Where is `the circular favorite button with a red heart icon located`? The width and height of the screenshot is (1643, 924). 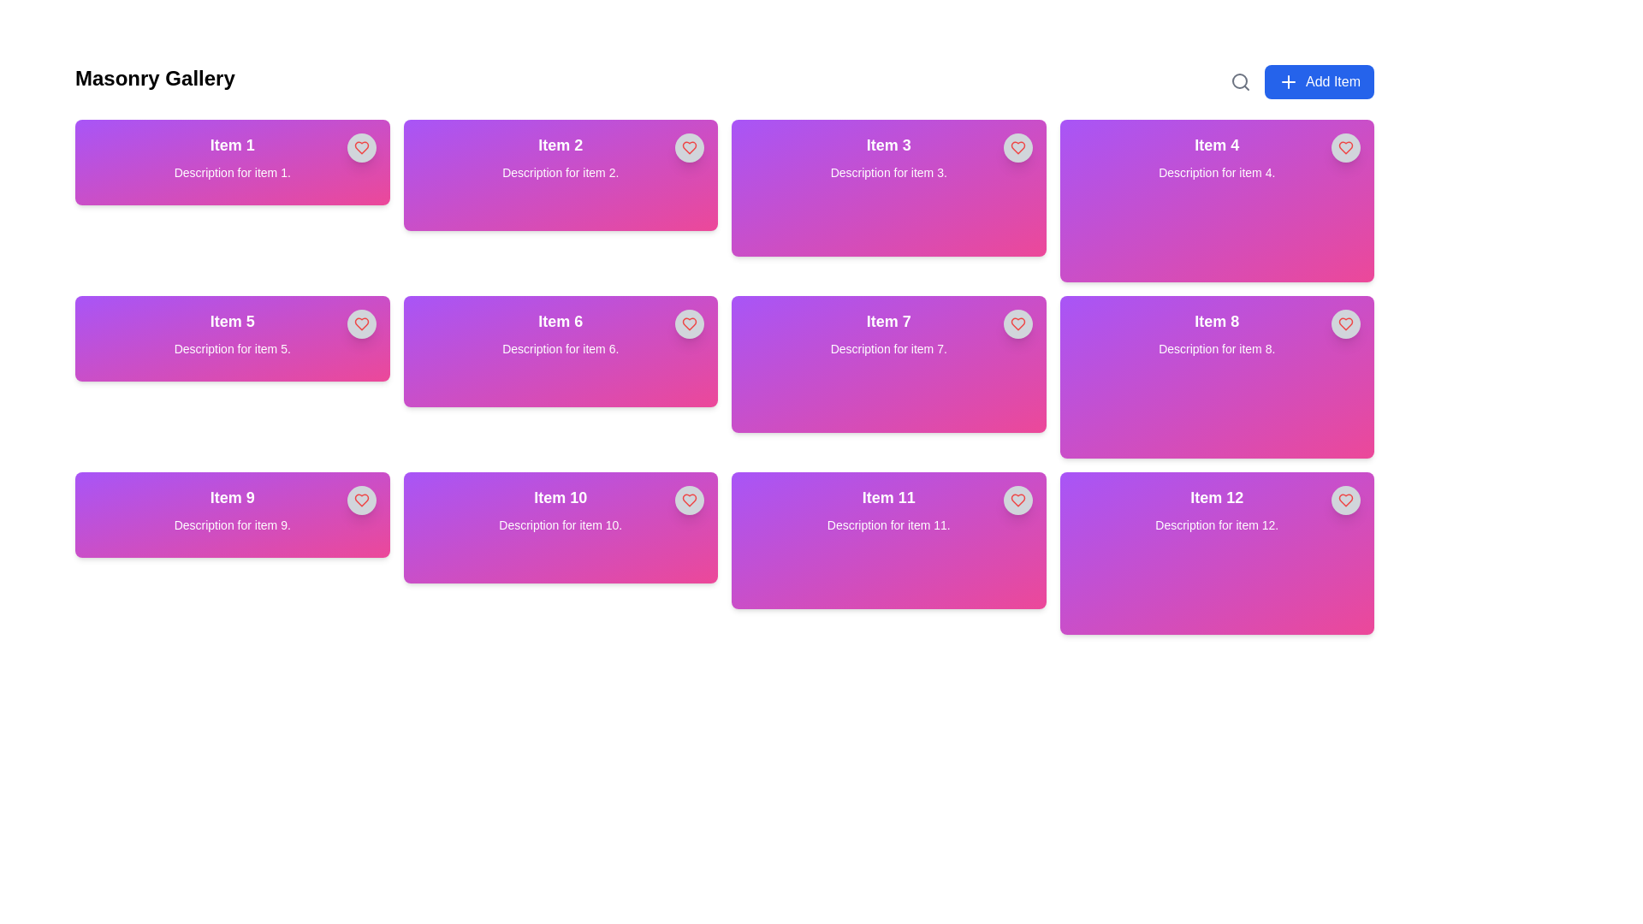 the circular favorite button with a red heart icon located is located at coordinates (360, 500).